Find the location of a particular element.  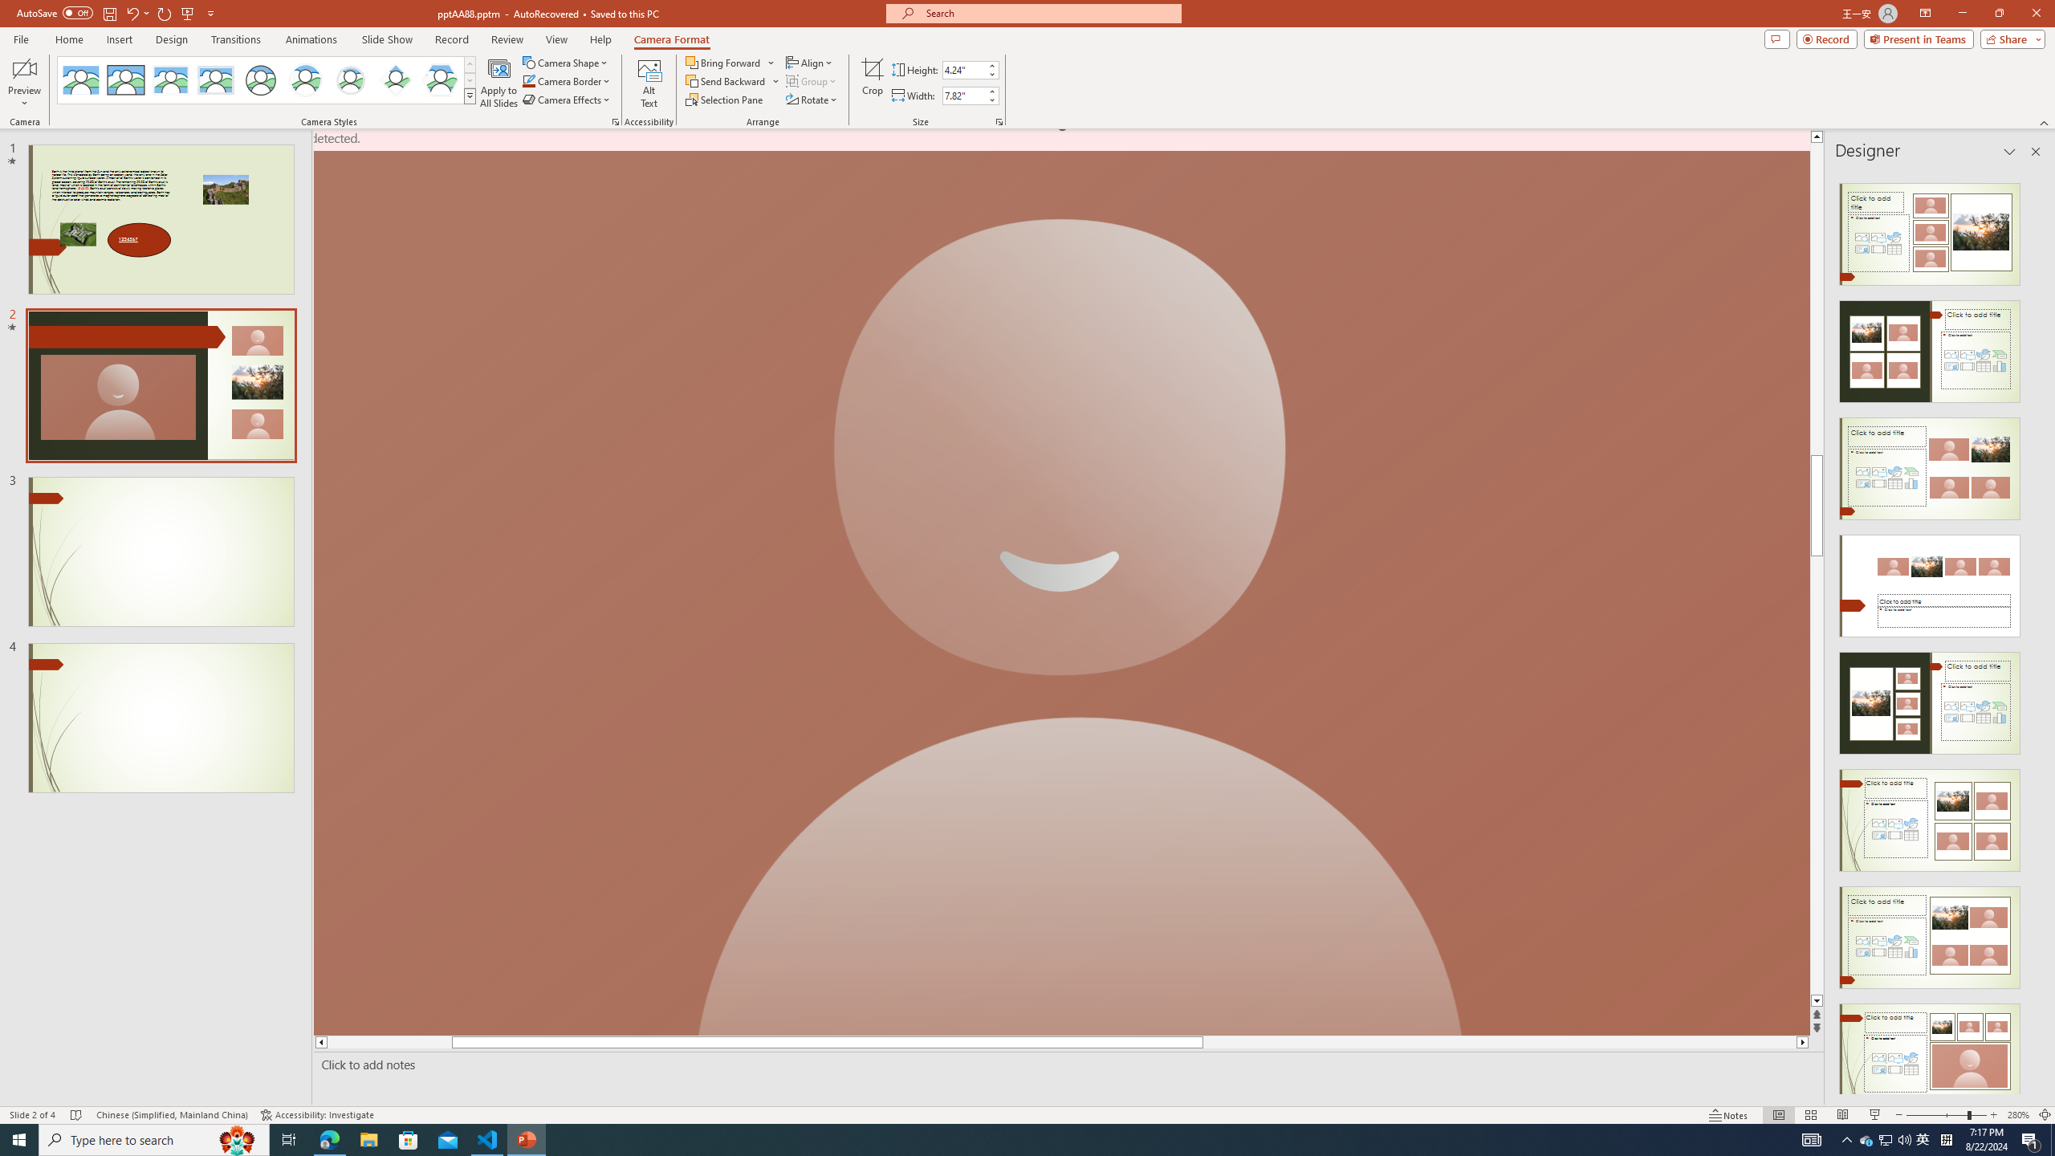

'Bring Forward' is located at coordinates (730, 62).